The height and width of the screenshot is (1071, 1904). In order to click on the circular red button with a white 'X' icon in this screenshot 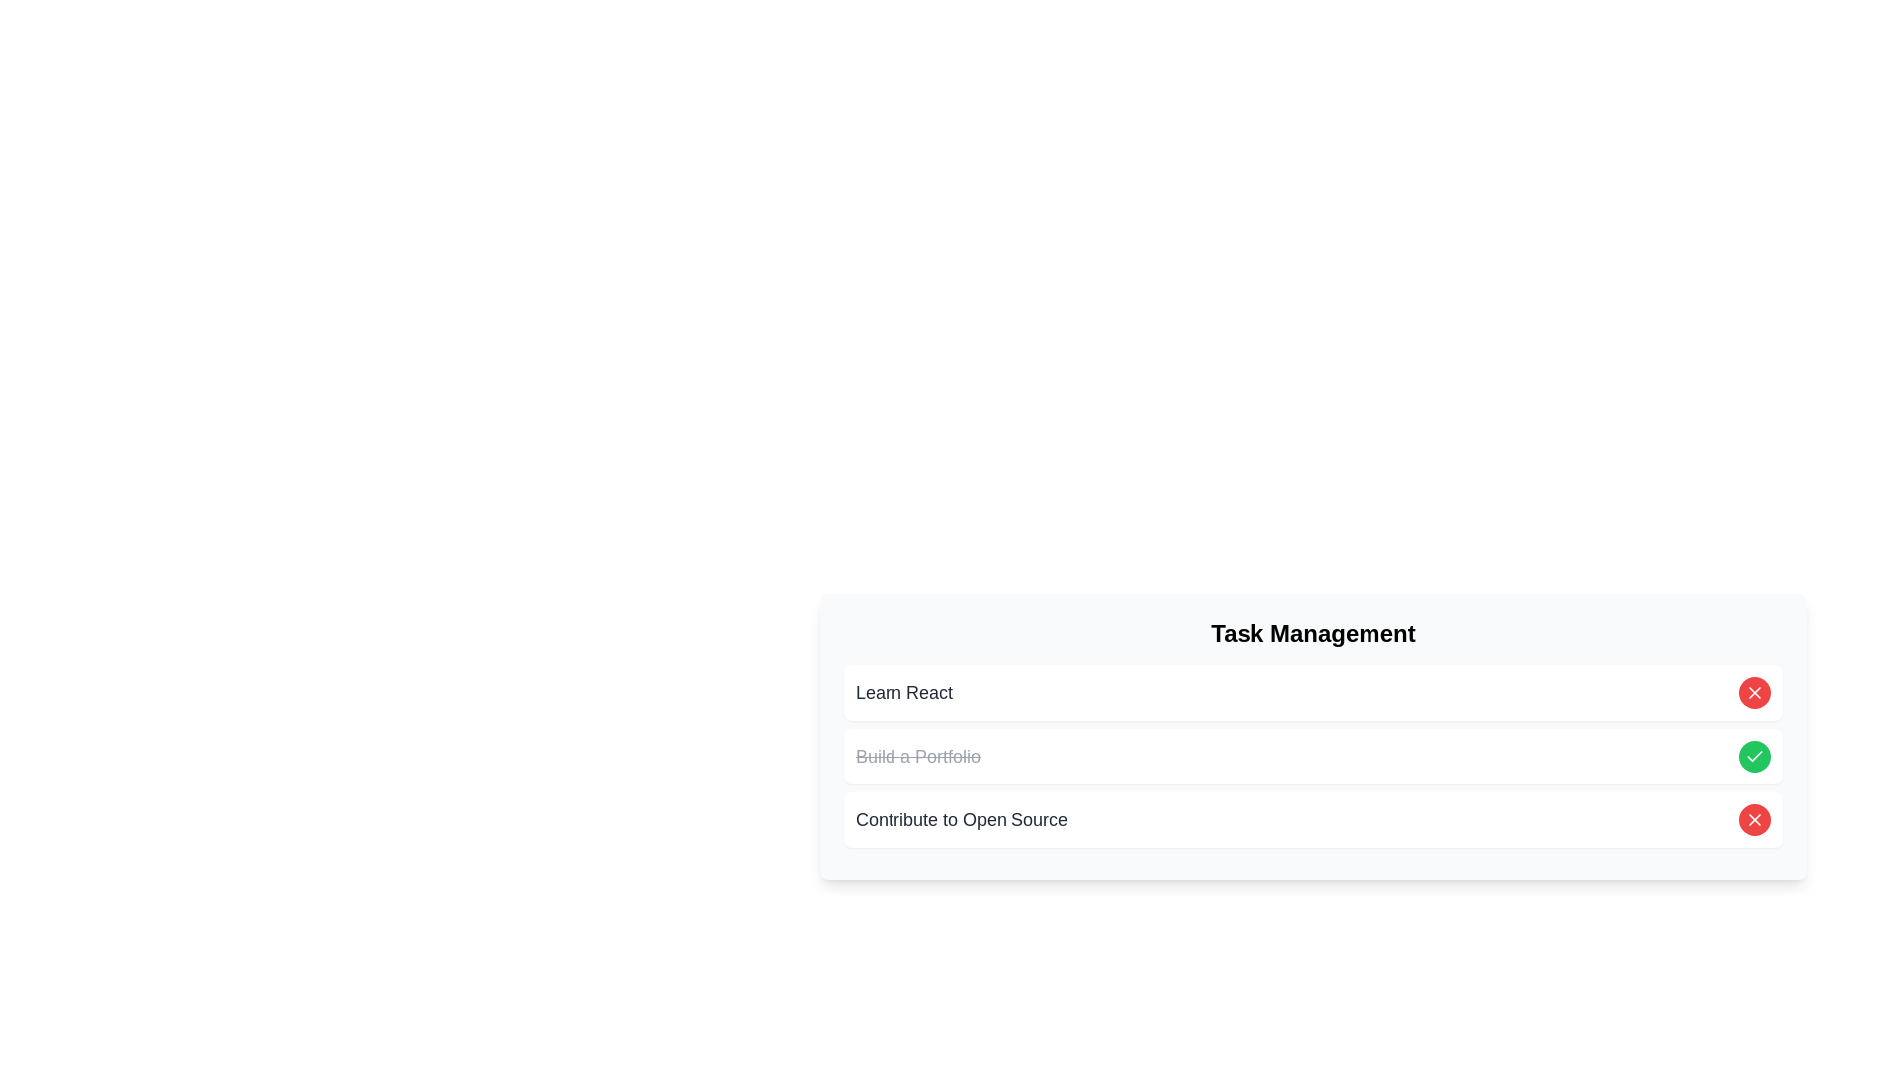, I will do `click(1755, 819)`.